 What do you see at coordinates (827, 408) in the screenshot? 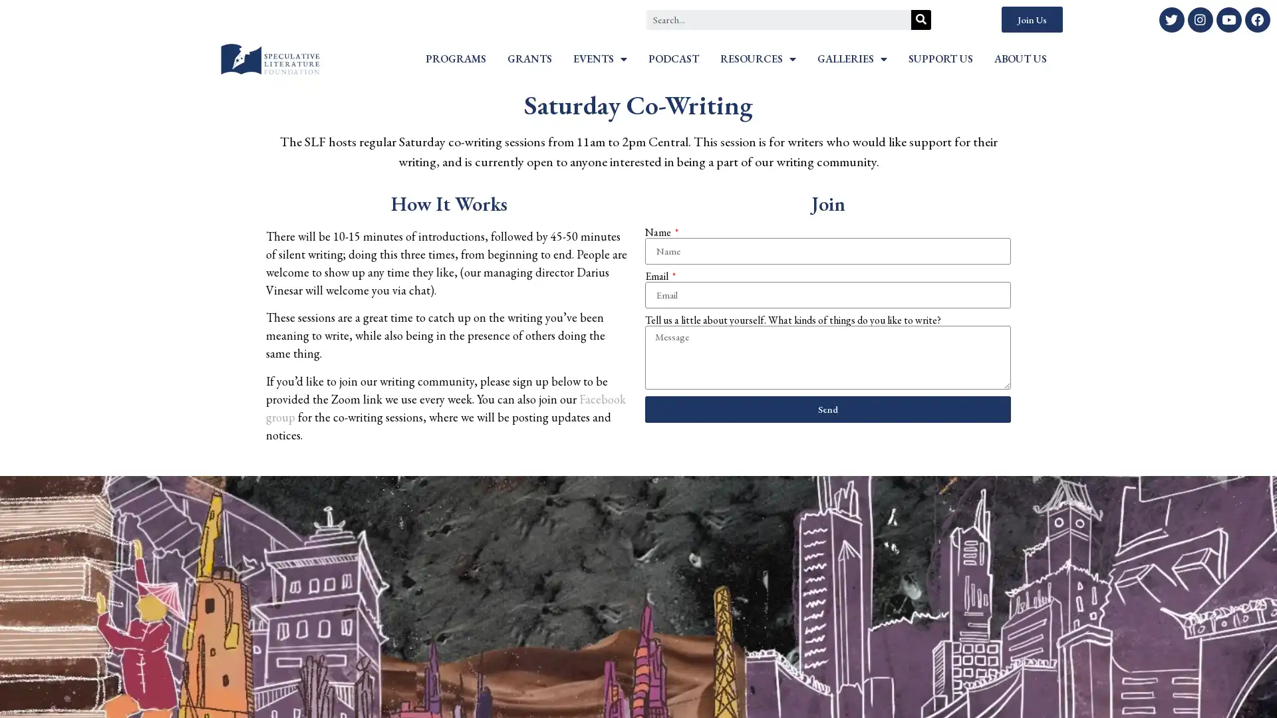
I see `Send` at bounding box center [827, 408].